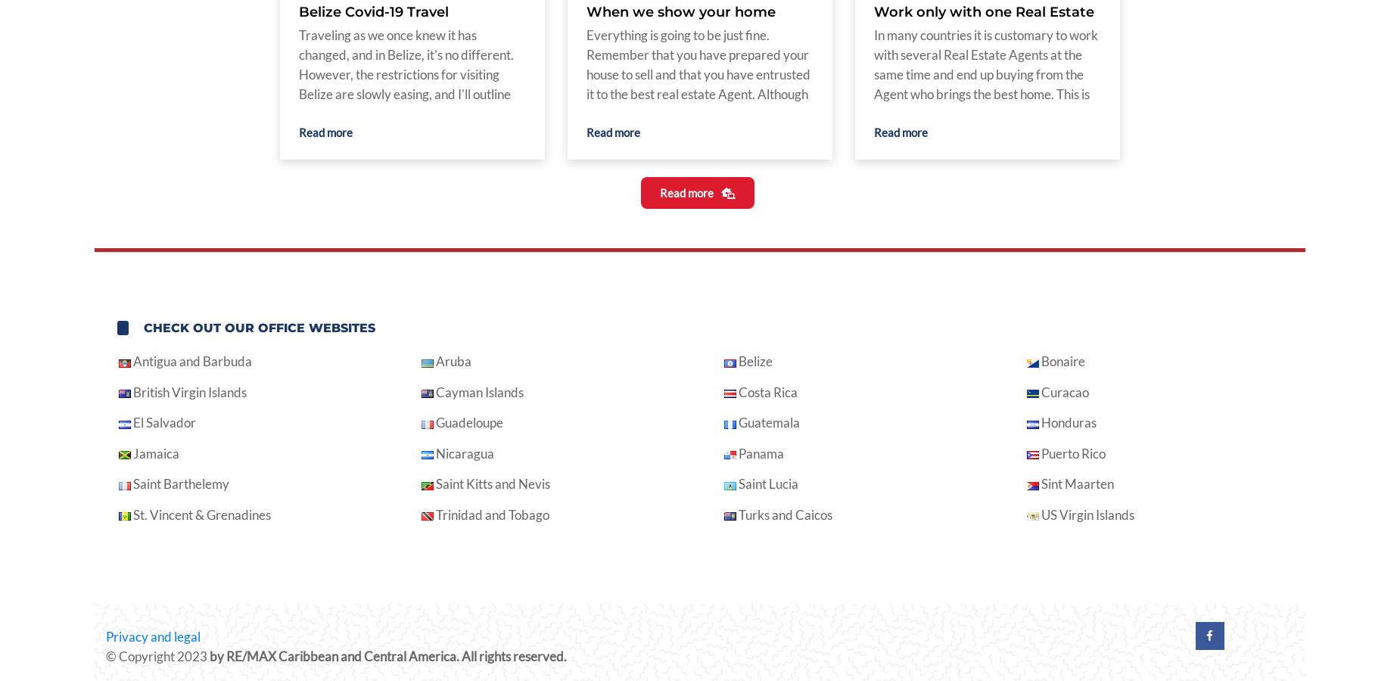  Describe the element at coordinates (188, 390) in the screenshot. I see `'British Virgin Islands'` at that location.